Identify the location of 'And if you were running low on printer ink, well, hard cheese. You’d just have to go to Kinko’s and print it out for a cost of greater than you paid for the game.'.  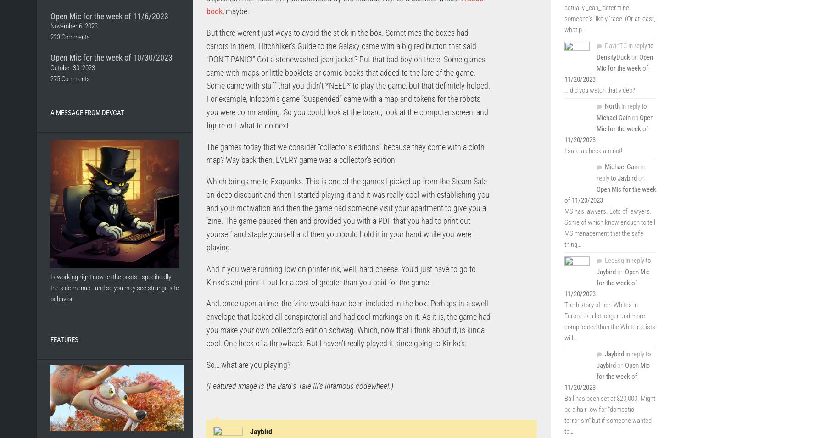
(340, 275).